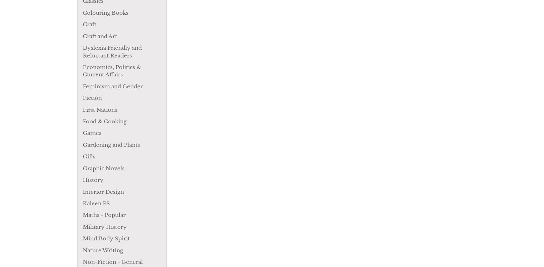 The width and height of the screenshot is (544, 267). What do you see at coordinates (106, 238) in the screenshot?
I see `'Mind Body Spirit'` at bounding box center [106, 238].